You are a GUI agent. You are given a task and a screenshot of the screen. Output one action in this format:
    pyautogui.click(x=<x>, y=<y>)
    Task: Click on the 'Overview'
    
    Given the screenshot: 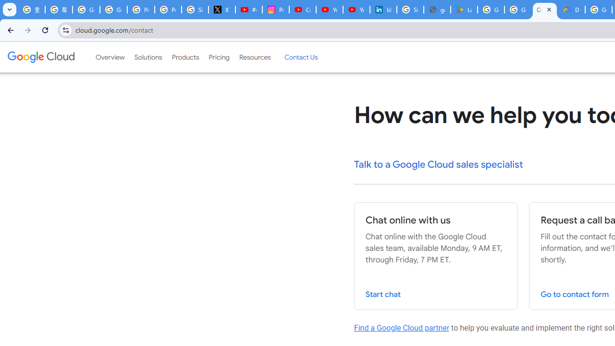 What is the action you would take?
    pyautogui.click(x=110, y=57)
    